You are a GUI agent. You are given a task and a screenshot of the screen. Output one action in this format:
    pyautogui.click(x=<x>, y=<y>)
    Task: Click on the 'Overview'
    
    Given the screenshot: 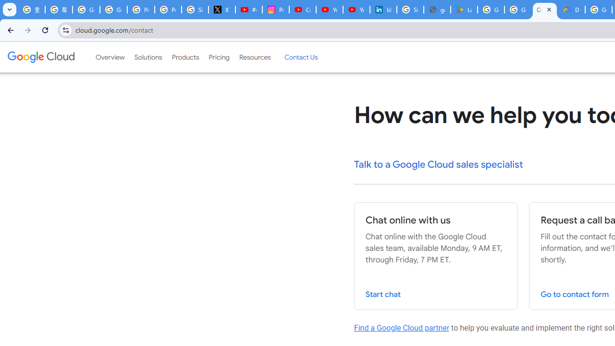 What is the action you would take?
    pyautogui.click(x=110, y=57)
    